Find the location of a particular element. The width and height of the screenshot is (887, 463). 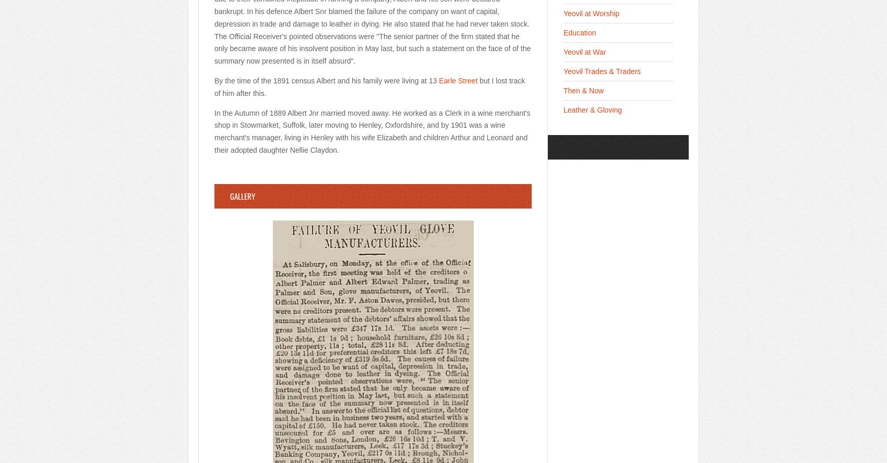

'Earle Street' is located at coordinates (458, 80).